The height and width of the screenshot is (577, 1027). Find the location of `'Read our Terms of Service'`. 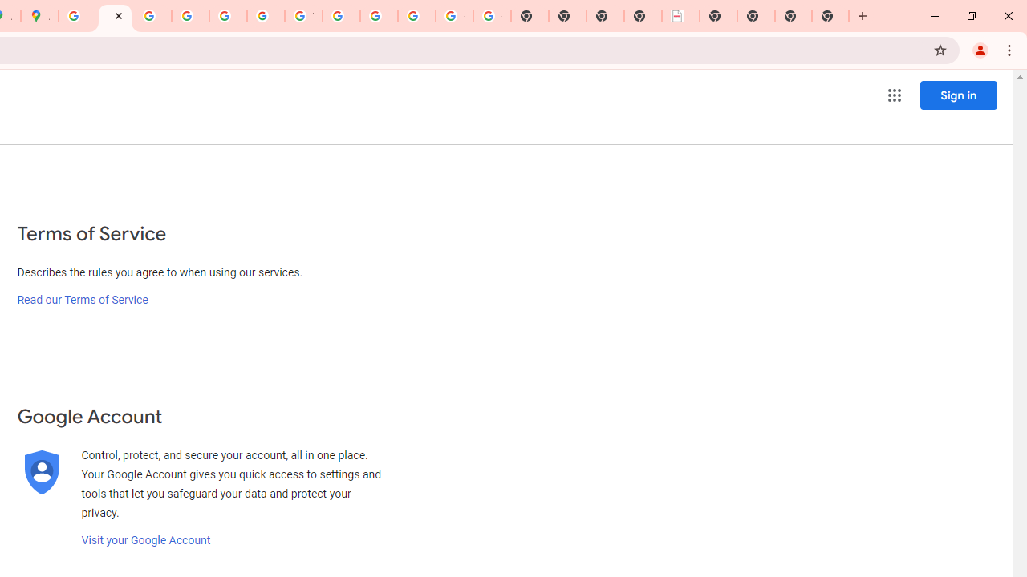

'Read our Terms of Service' is located at coordinates (82, 300).